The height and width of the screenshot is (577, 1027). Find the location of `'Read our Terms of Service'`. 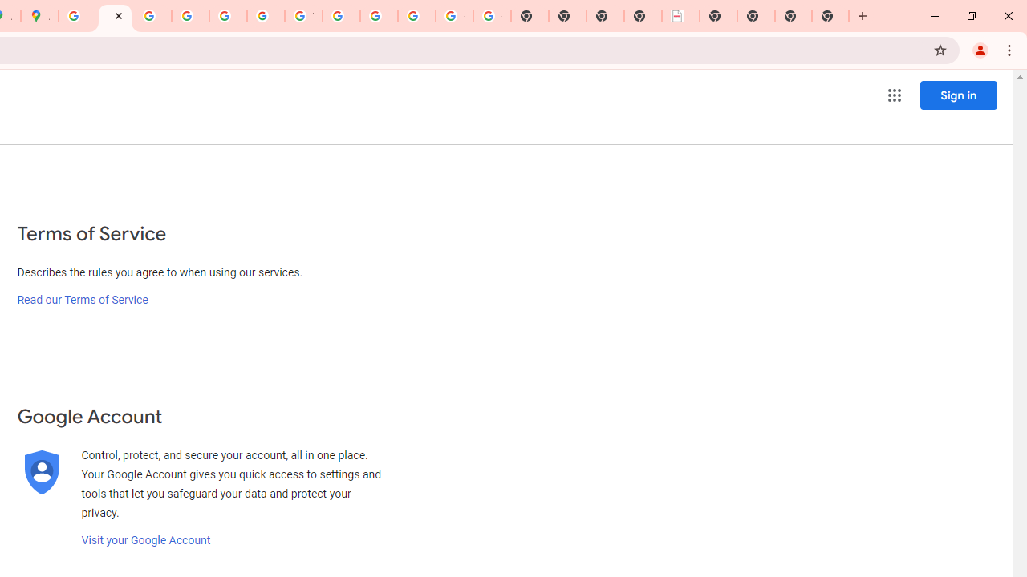

'Read our Terms of Service' is located at coordinates (82, 300).